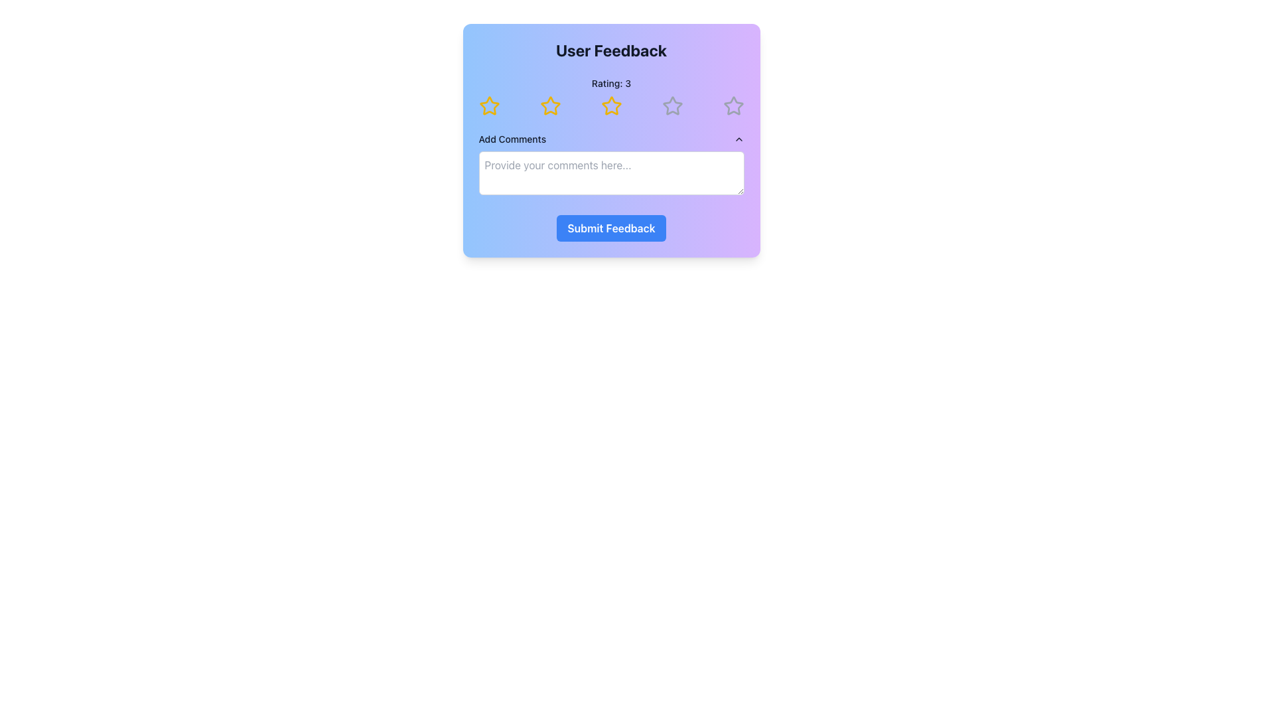 The height and width of the screenshot is (717, 1274). What do you see at coordinates (610, 105) in the screenshot?
I see `the third yellow star in the row of five stars to register a rating action on touch devices` at bounding box center [610, 105].